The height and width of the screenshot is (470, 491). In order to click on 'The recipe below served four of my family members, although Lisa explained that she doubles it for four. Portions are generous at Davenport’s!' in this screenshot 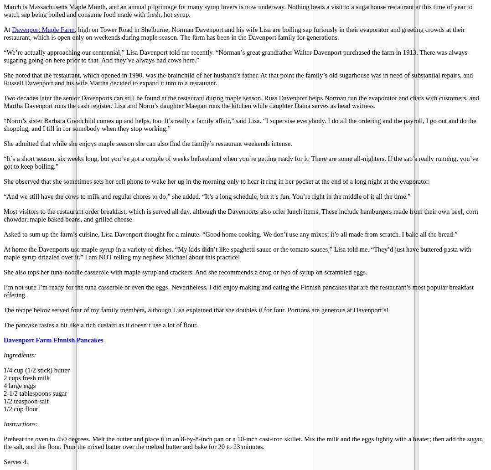, I will do `click(196, 310)`.